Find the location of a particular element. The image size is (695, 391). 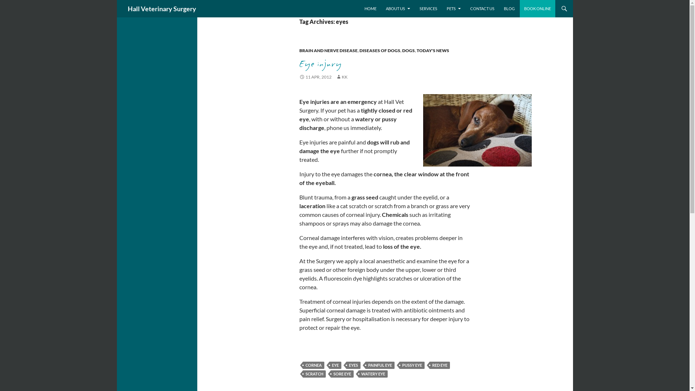

'BOOK ONLINE' is located at coordinates (537, 8).